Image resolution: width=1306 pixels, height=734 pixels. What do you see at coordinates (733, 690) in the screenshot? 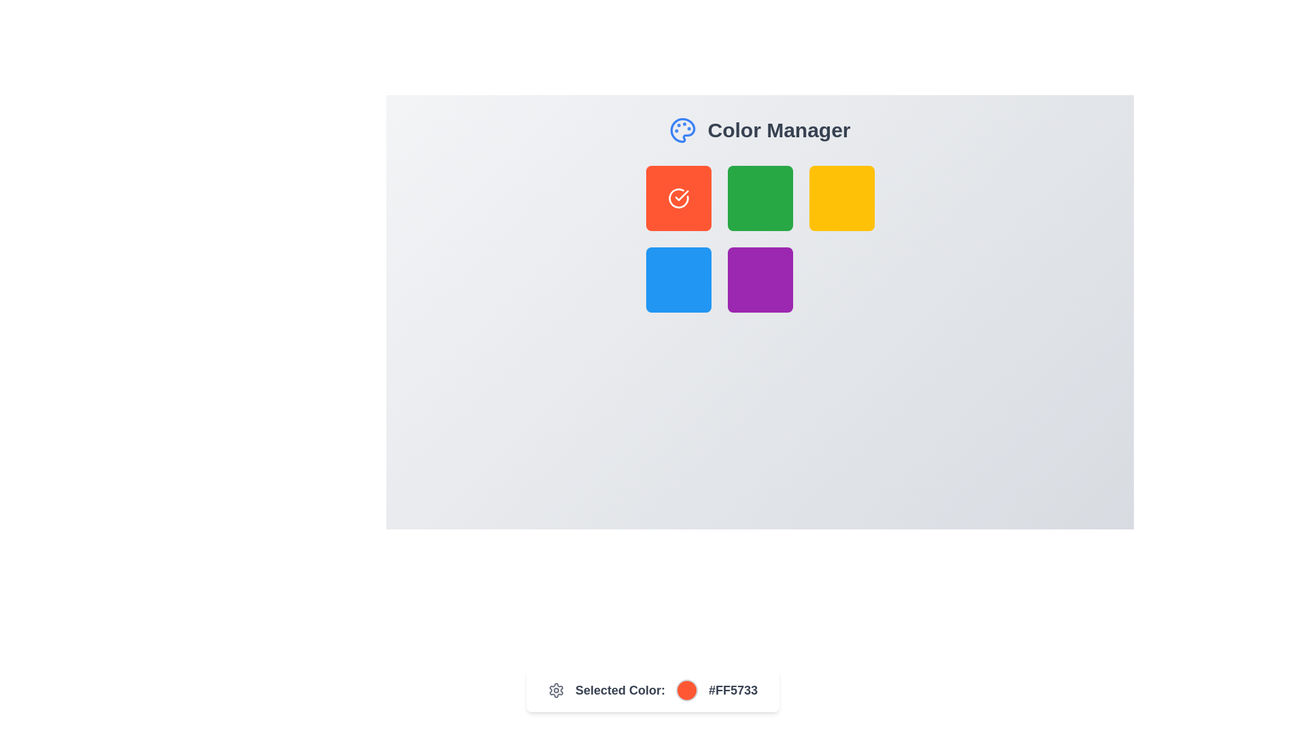
I see `the text element displaying the value '#FF5733' in bold, dark gray color, located at the far right side of the 'Selected Color' section` at bounding box center [733, 690].